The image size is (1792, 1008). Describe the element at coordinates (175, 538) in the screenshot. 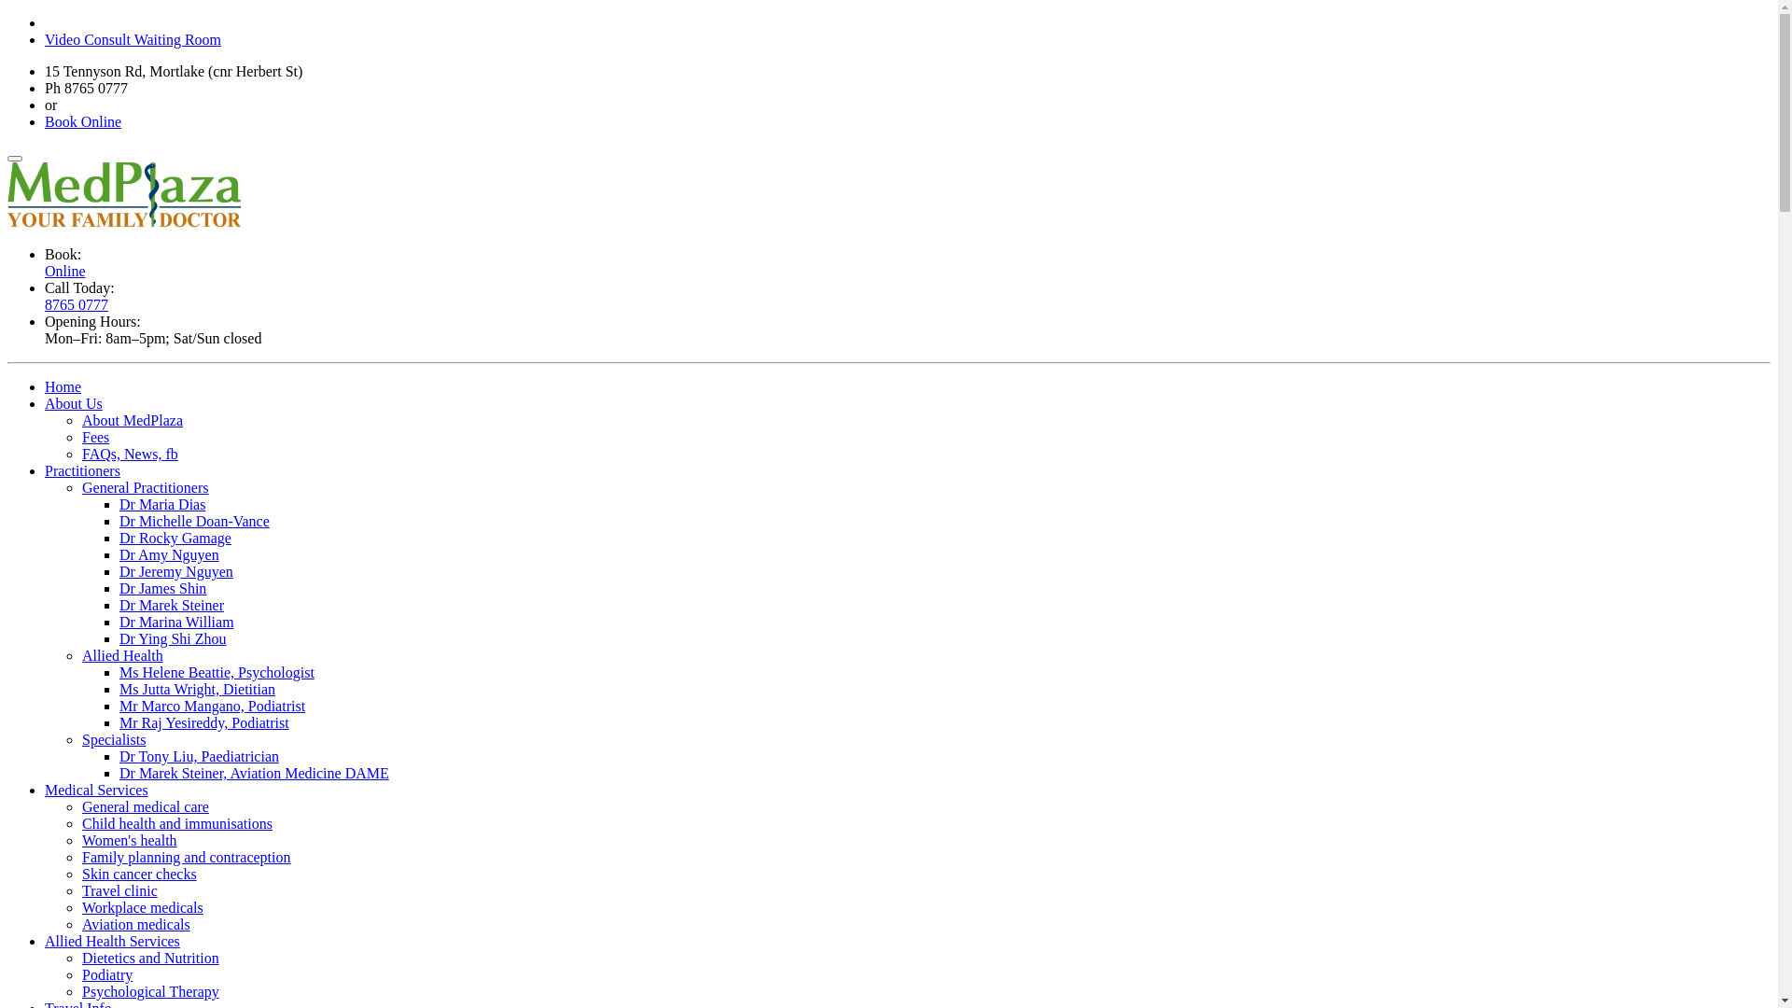

I see `'Dr Rocky Gamage'` at that location.